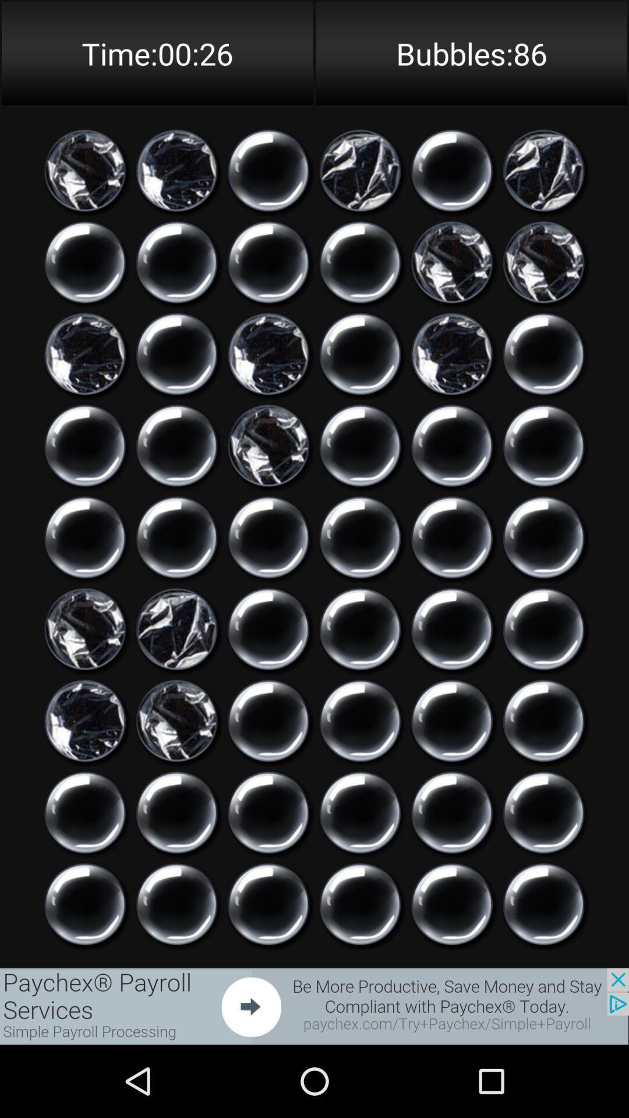  What do you see at coordinates (84, 281) in the screenshot?
I see `the refresh icon` at bounding box center [84, 281].